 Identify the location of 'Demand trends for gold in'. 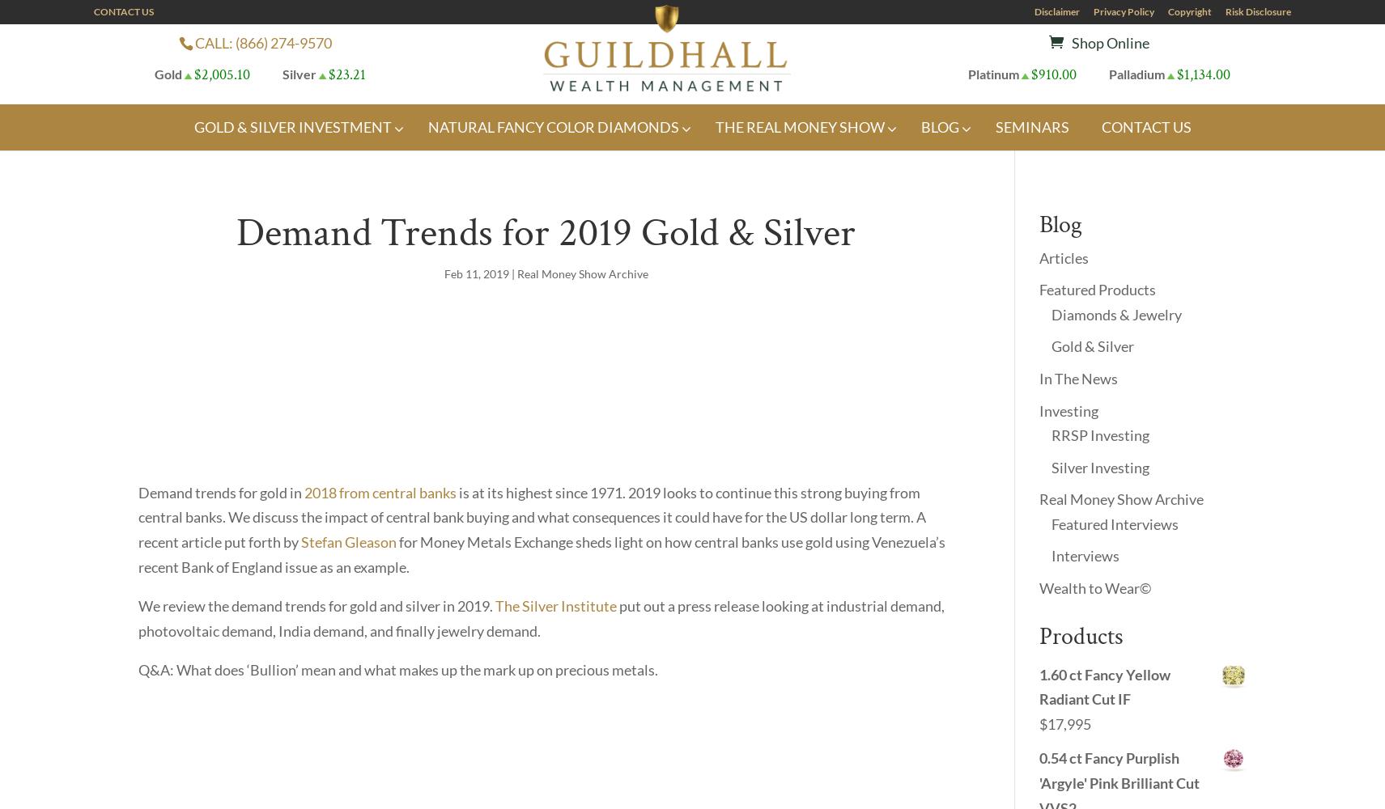
(137, 491).